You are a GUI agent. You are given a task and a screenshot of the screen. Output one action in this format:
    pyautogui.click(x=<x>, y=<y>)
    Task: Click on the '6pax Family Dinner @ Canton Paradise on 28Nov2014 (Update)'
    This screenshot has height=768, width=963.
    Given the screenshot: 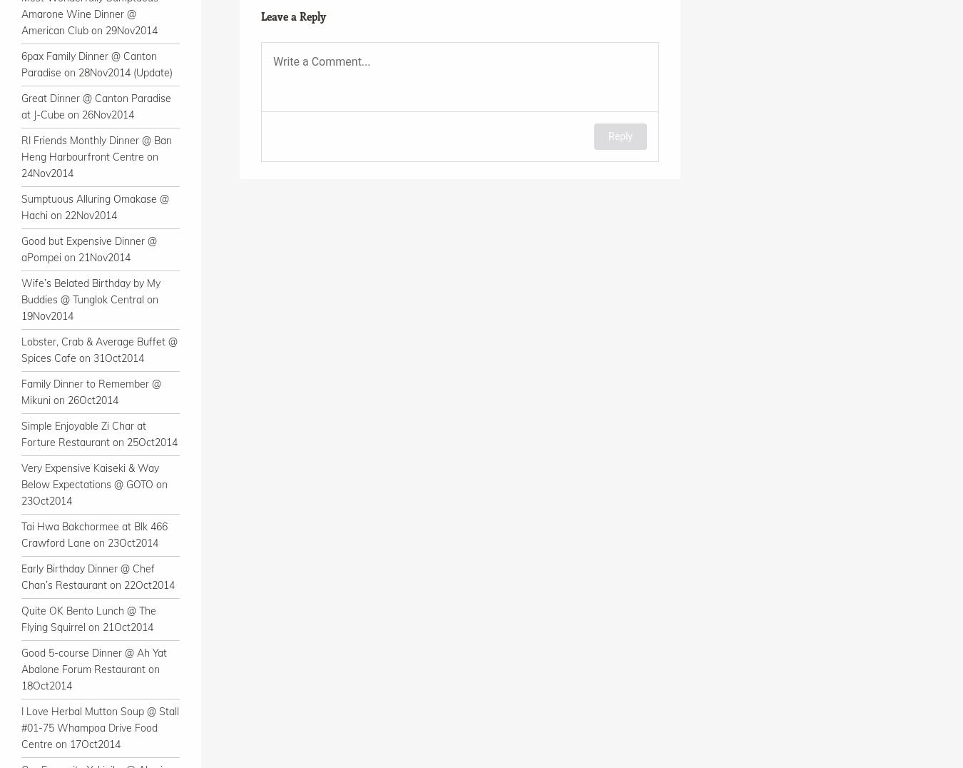 What is the action you would take?
    pyautogui.click(x=20, y=64)
    